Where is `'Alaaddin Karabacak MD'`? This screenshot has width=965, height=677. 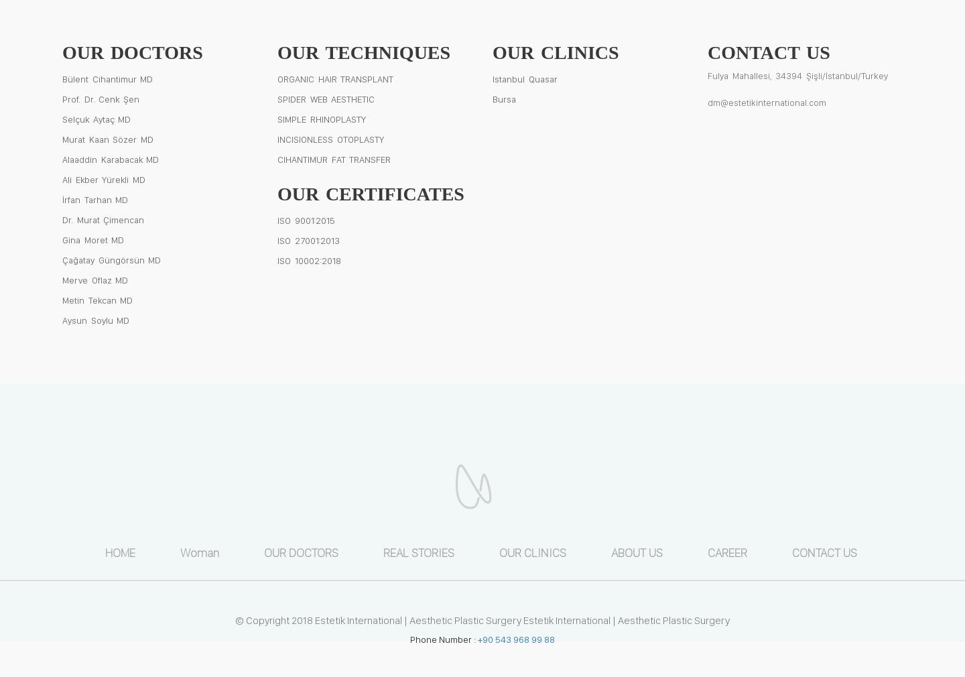
'Alaaddin Karabacak MD' is located at coordinates (110, 158).